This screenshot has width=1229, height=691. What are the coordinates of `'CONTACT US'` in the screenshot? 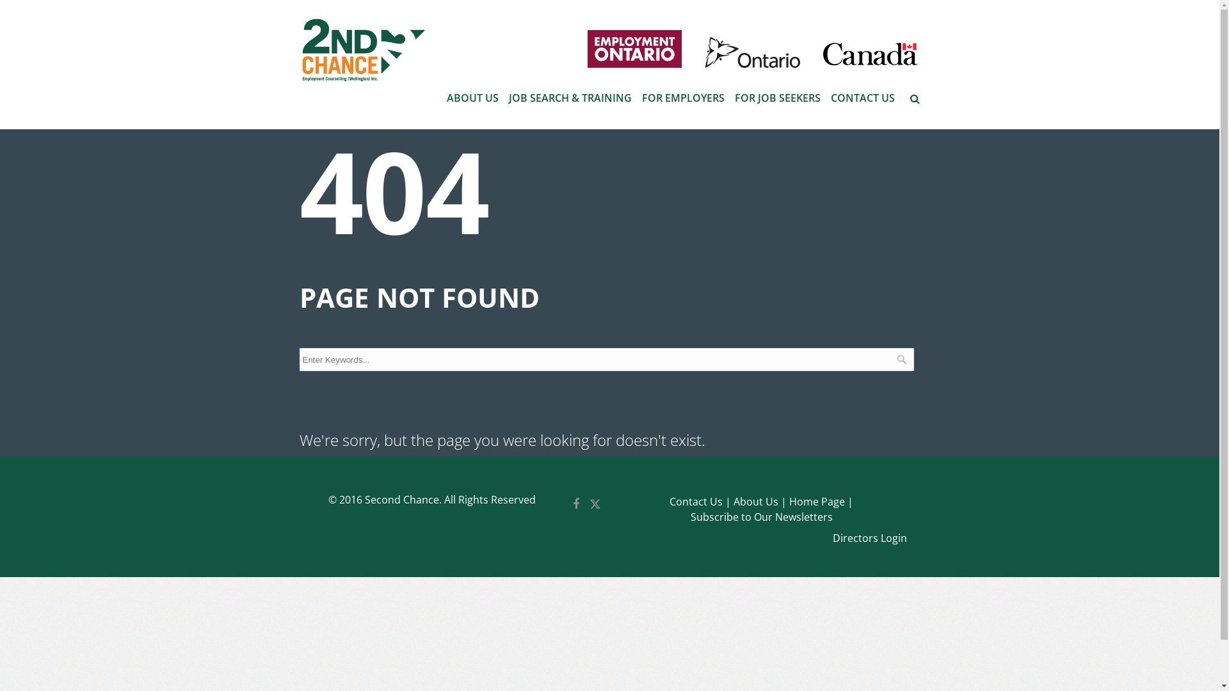 It's located at (863, 97).